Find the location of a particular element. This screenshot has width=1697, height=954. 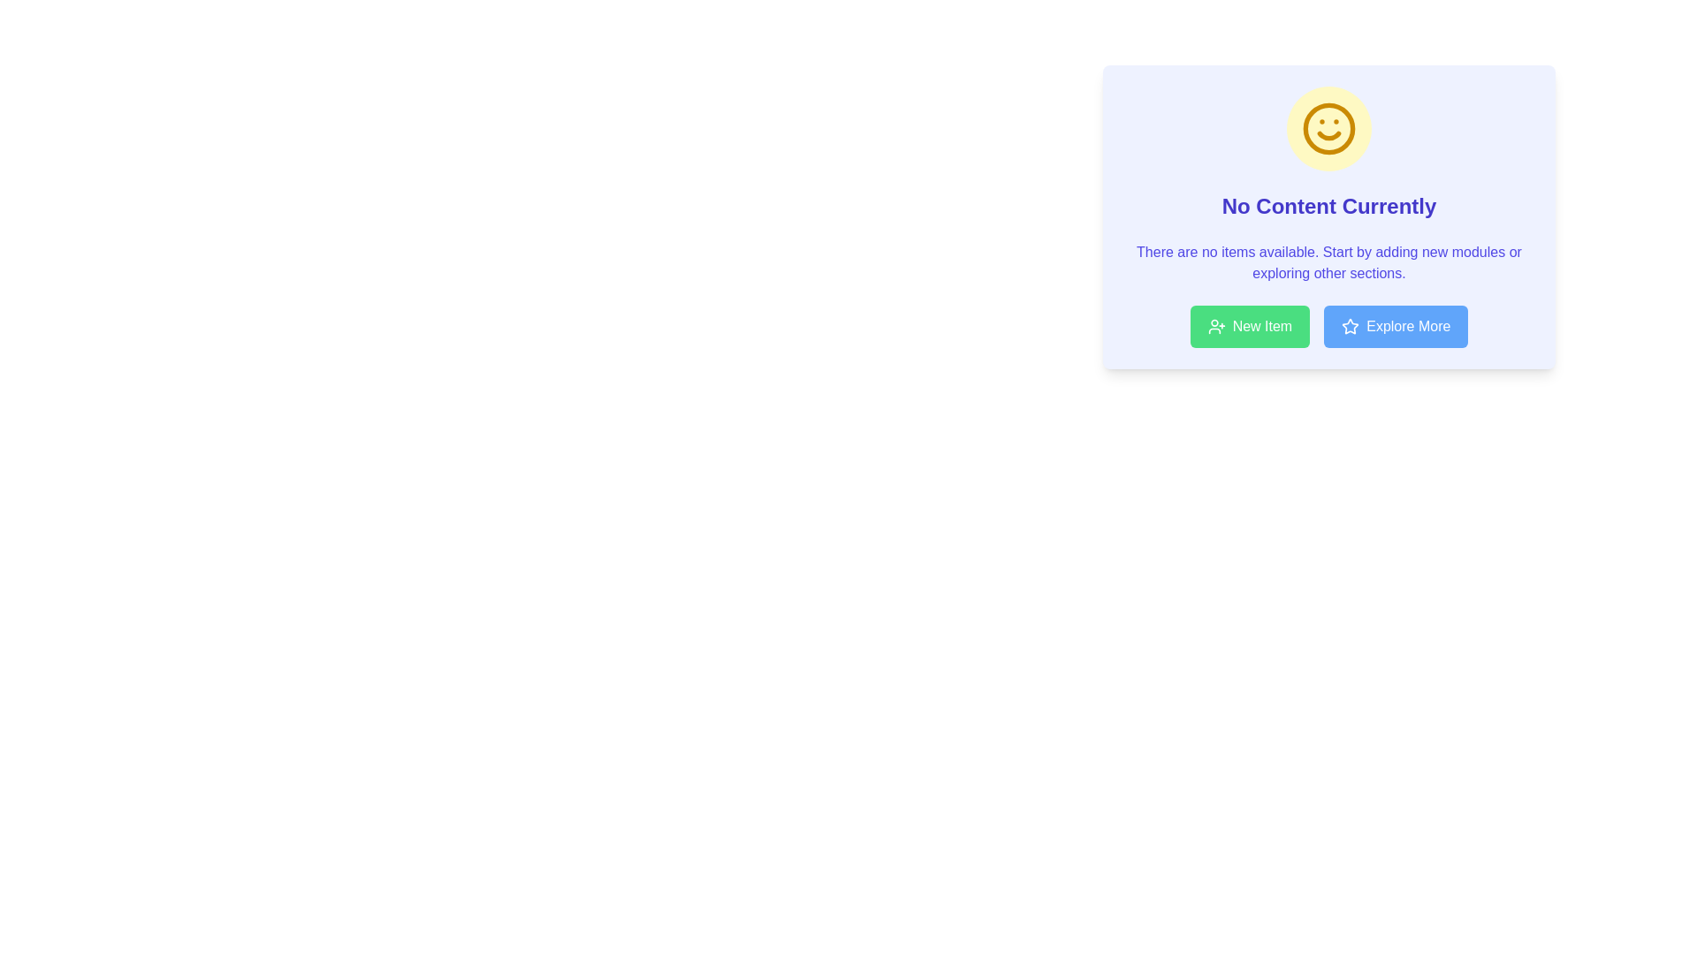

the smiley face icon located at the top center of the card interface, which indicates a friendly or neutral status is located at coordinates (1328, 128).